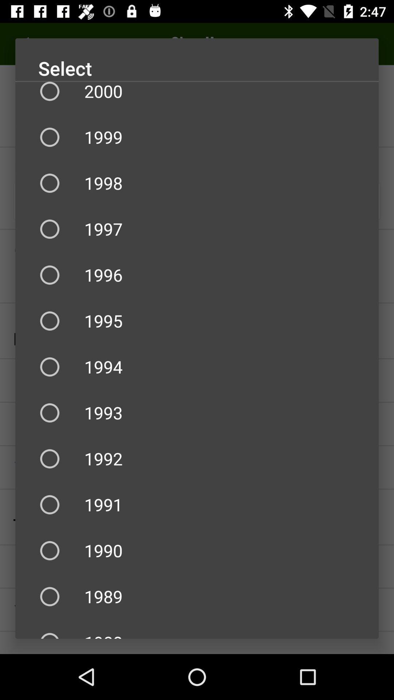 The width and height of the screenshot is (394, 700). Describe the element at coordinates (197, 551) in the screenshot. I see `icon above the 1989 item` at that location.